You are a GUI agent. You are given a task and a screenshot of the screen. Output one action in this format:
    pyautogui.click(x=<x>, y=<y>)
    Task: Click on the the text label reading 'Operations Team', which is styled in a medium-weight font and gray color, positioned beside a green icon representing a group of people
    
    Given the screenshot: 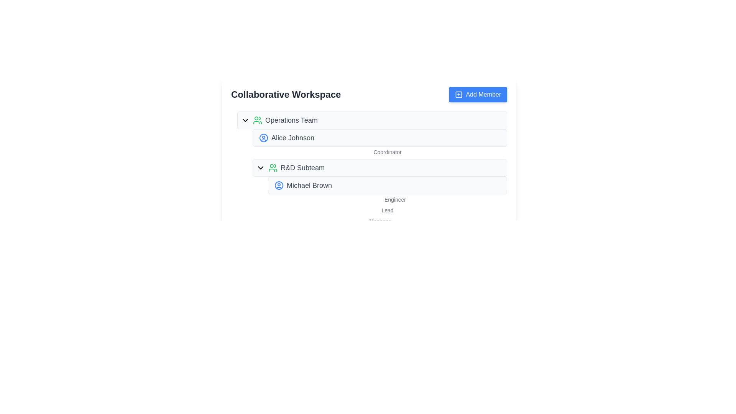 What is the action you would take?
    pyautogui.click(x=291, y=120)
    